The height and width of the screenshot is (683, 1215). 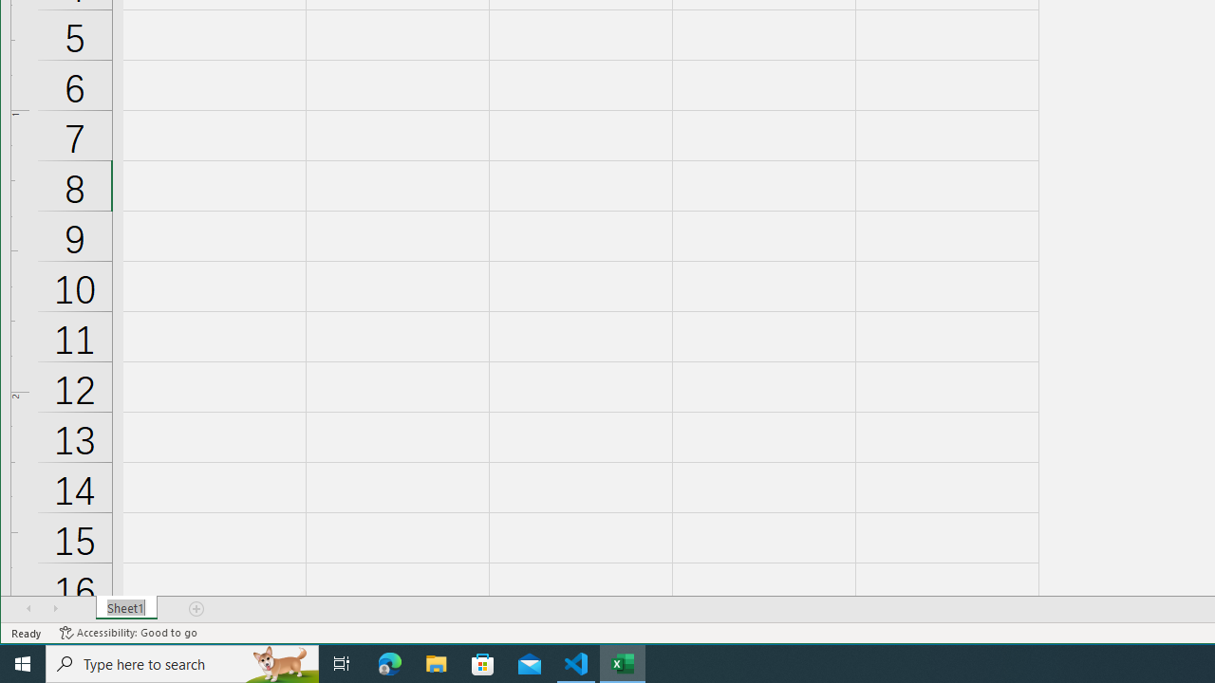 I want to click on 'Task View', so click(x=341, y=662).